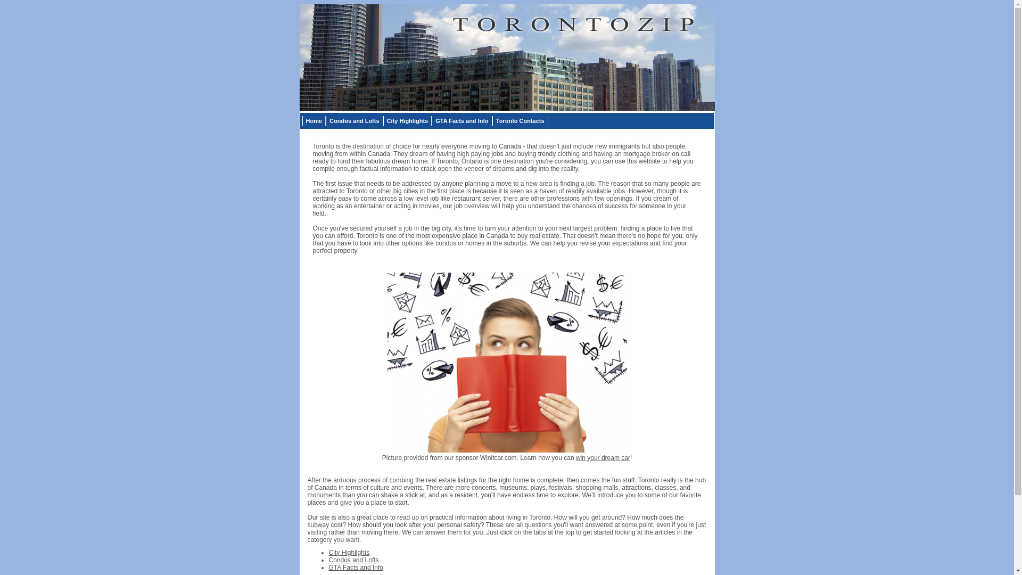 This screenshot has width=1022, height=575. What do you see at coordinates (432, 120) in the screenshot?
I see `'GTA Facts and Info'` at bounding box center [432, 120].